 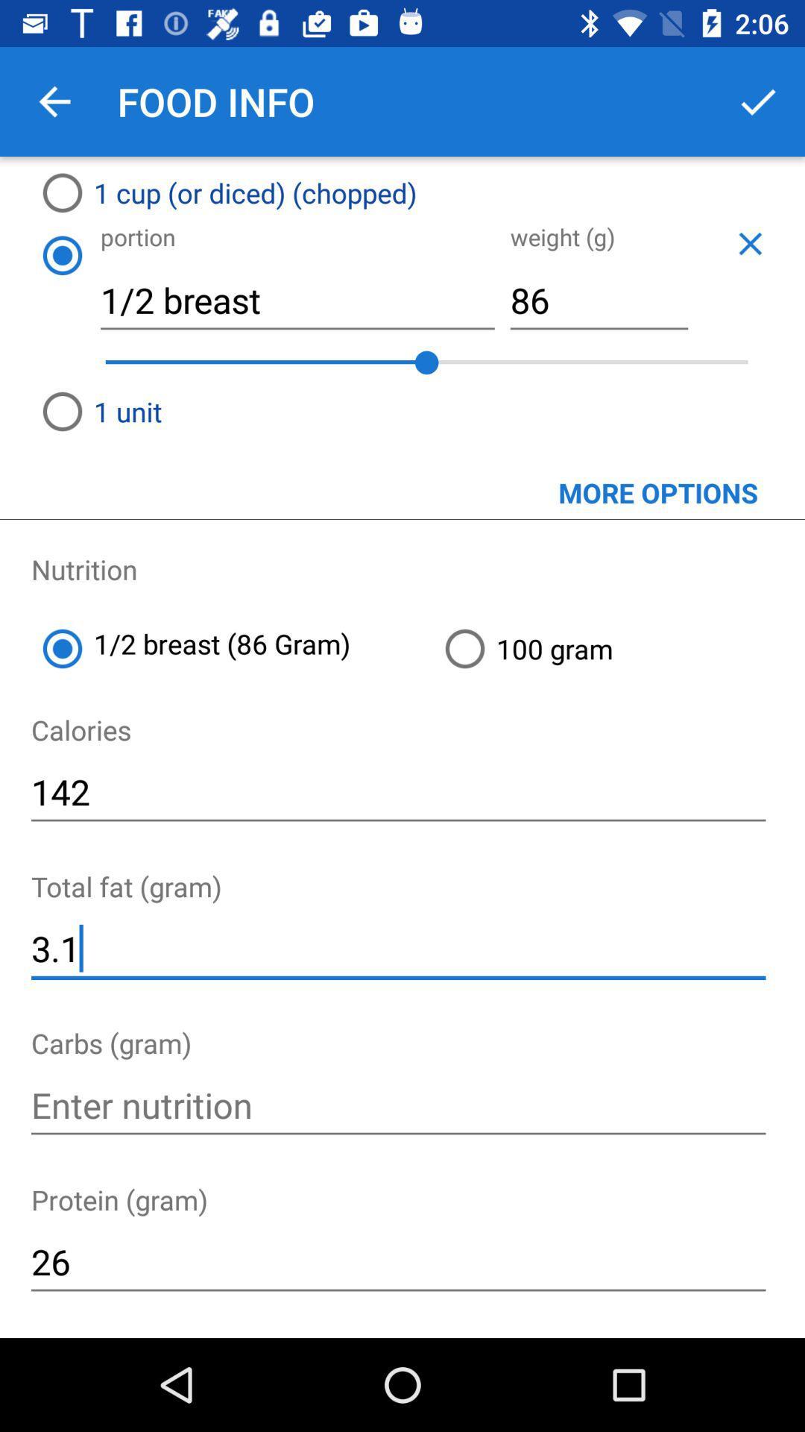 What do you see at coordinates (61, 255) in the screenshot?
I see `the icon below 1 cup or icon` at bounding box center [61, 255].